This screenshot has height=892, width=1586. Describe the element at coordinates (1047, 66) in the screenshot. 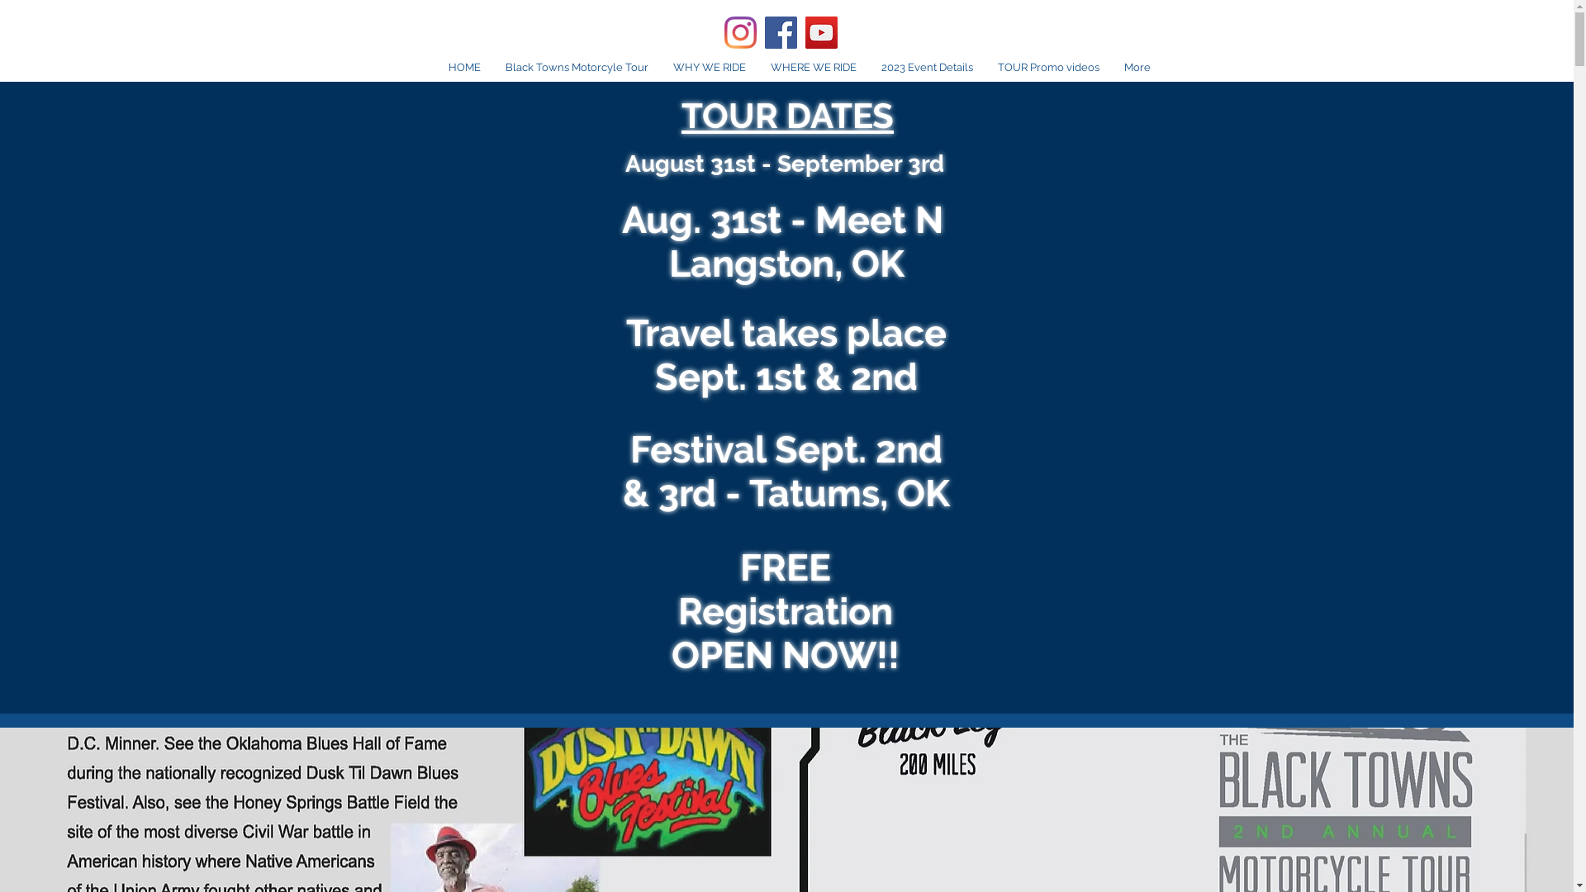

I see `'TOUR Promo videos'` at that location.